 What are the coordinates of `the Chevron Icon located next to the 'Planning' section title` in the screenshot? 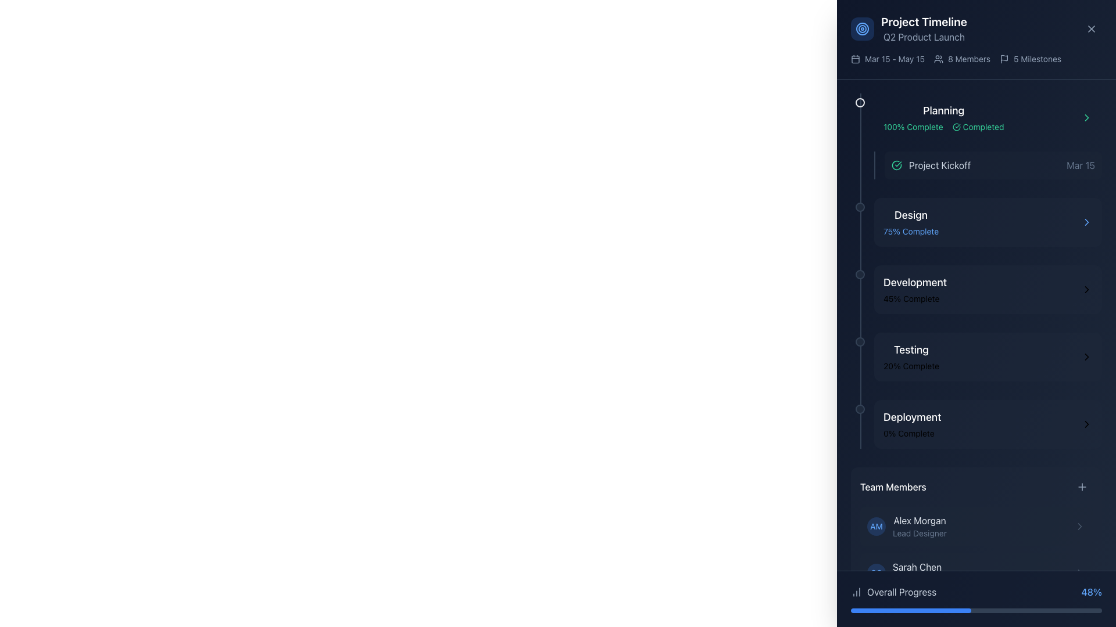 It's located at (1086, 118).